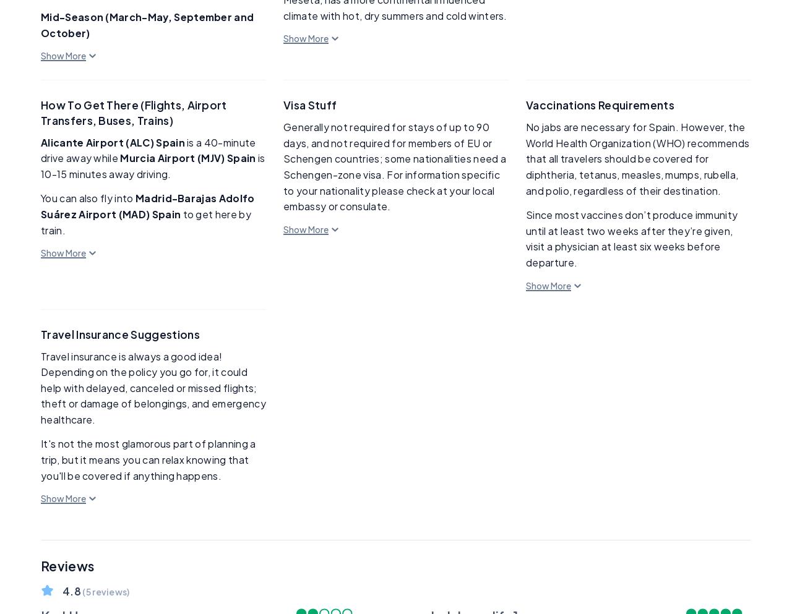 This screenshot has height=614, width=792. What do you see at coordinates (188, 157) in the screenshot?
I see `'Murcia Airport (MJV) Spain'` at bounding box center [188, 157].